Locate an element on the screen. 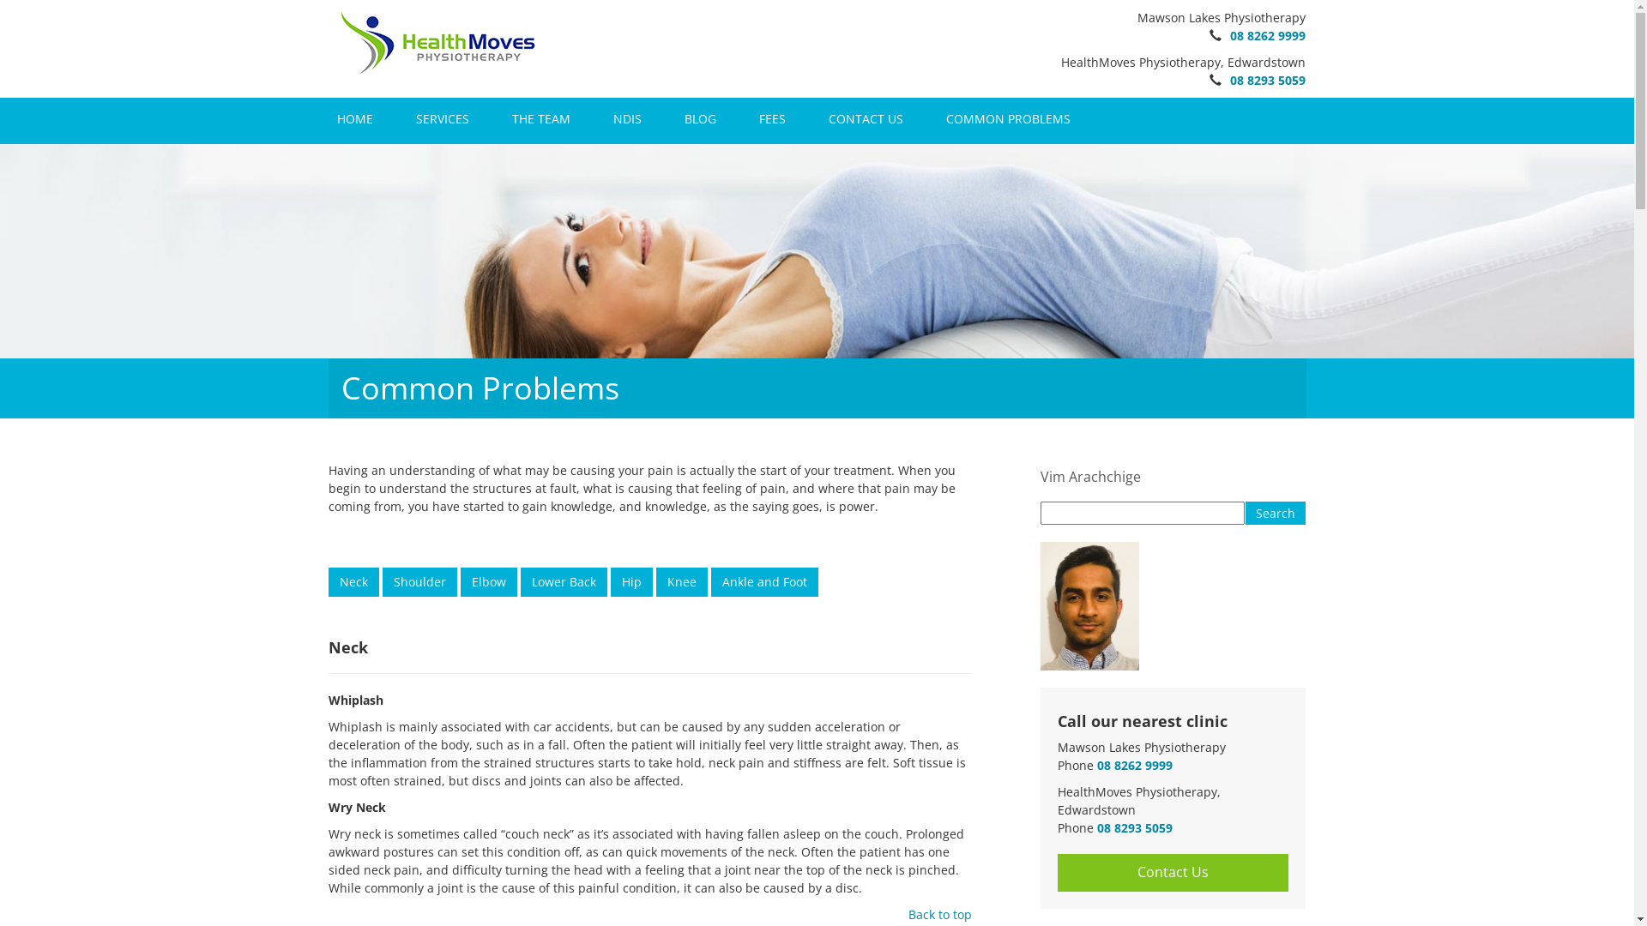  'Elbow' is located at coordinates (487, 571).